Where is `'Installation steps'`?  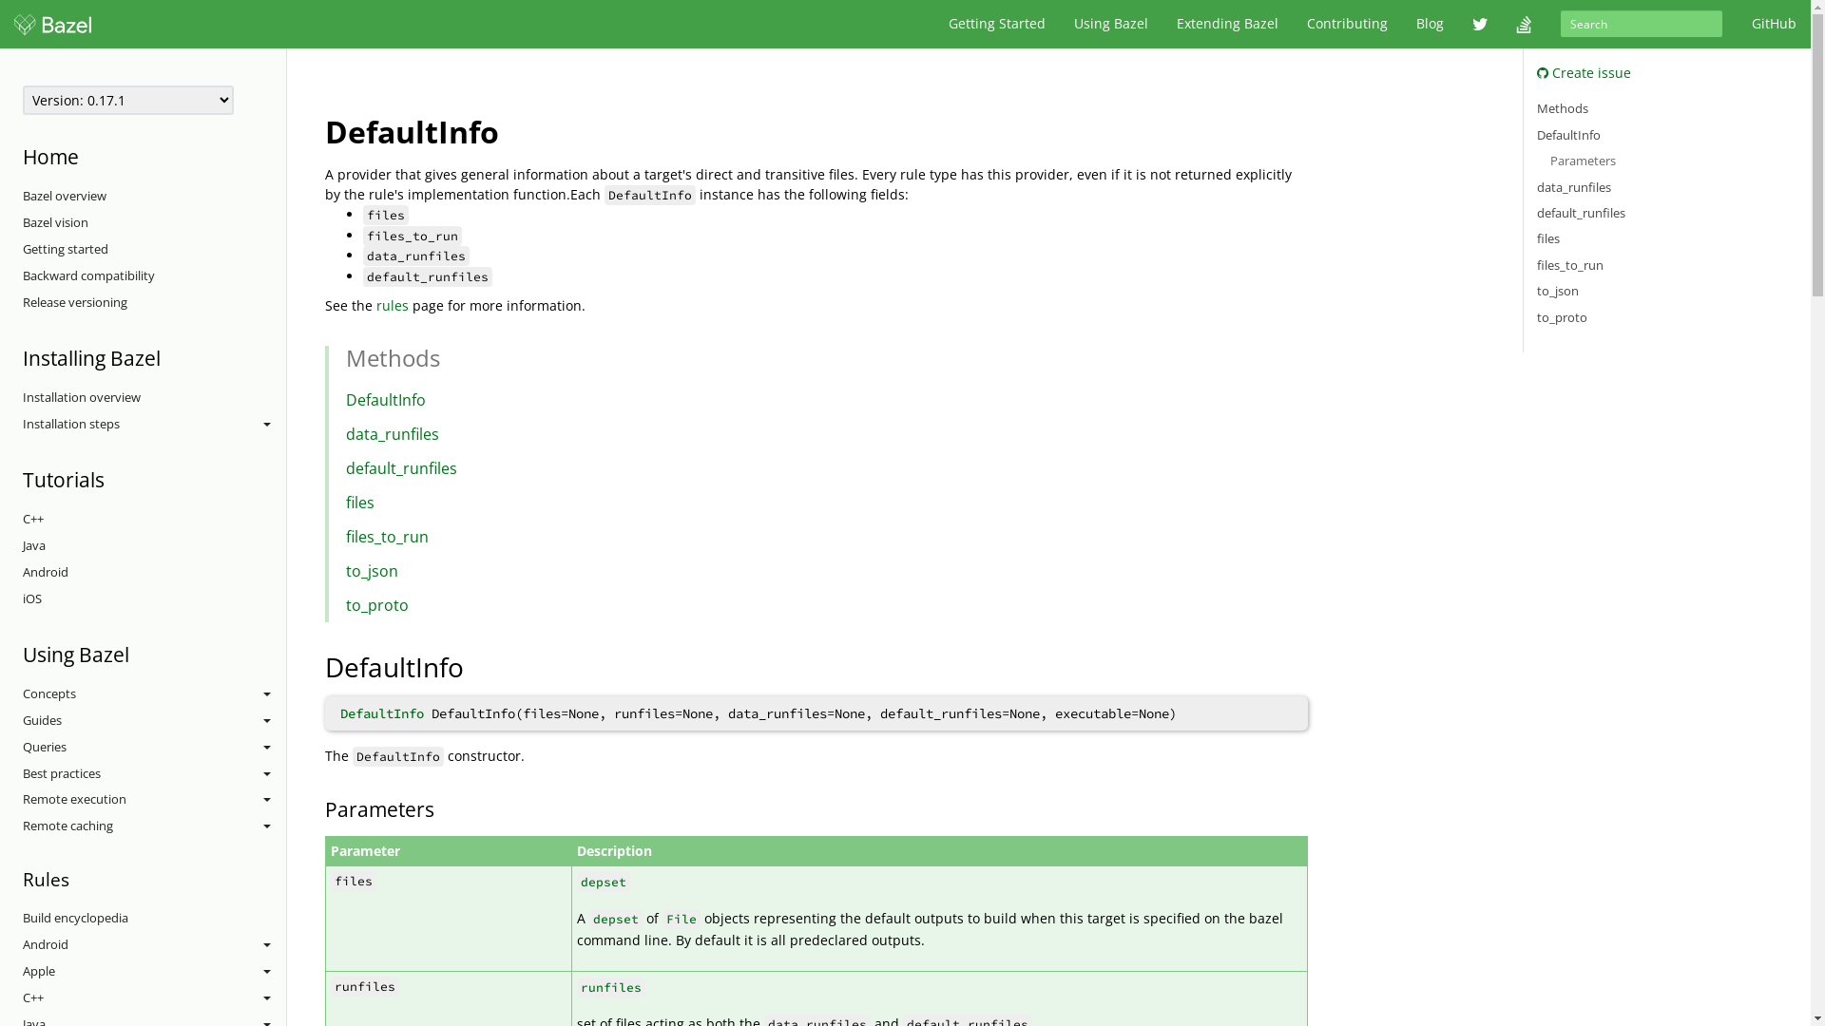 'Installation steps' is located at coordinates (154, 424).